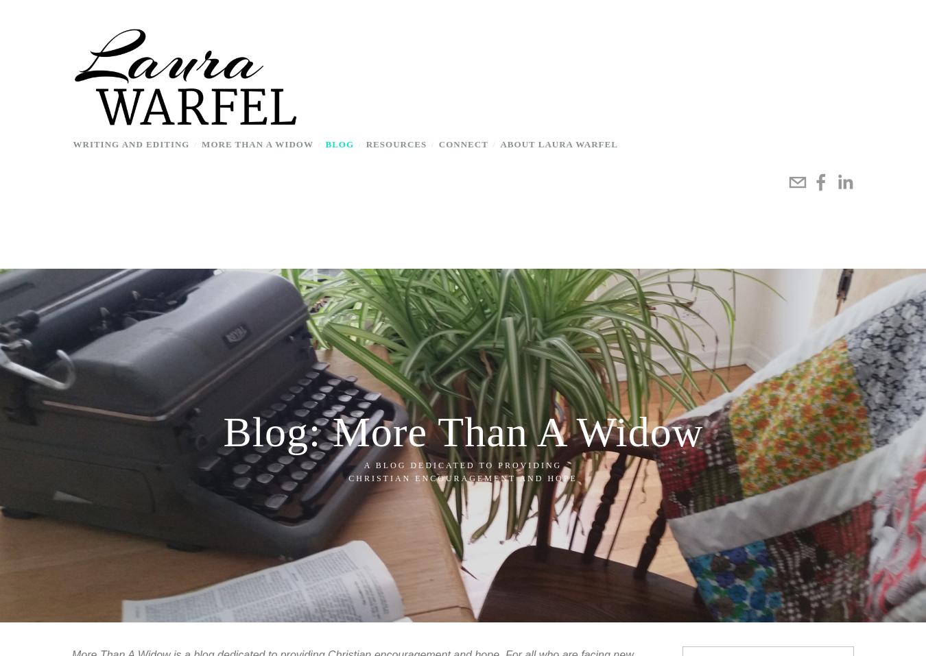 This screenshot has width=926, height=656. What do you see at coordinates (324, 143) in the screenshot?
I see `'Blog'` at bounding box center [324, 143].